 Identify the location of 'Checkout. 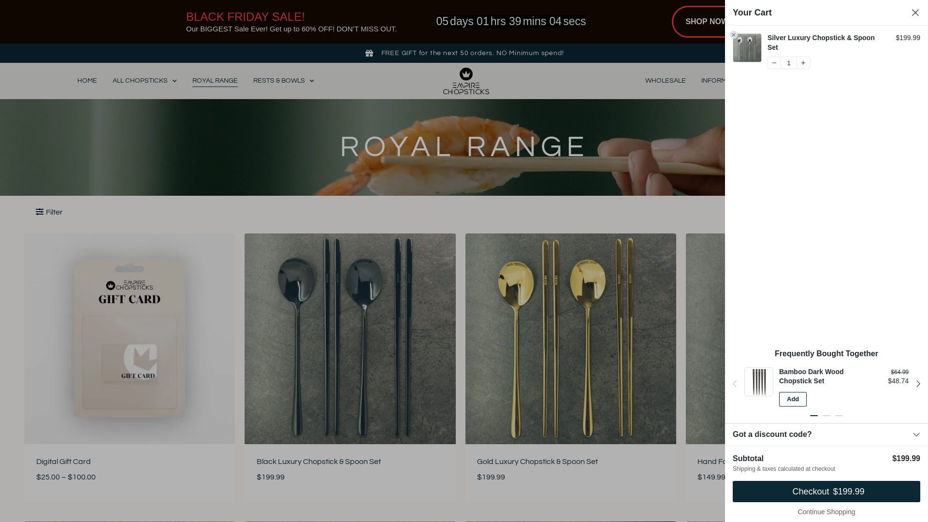
(826, 492).